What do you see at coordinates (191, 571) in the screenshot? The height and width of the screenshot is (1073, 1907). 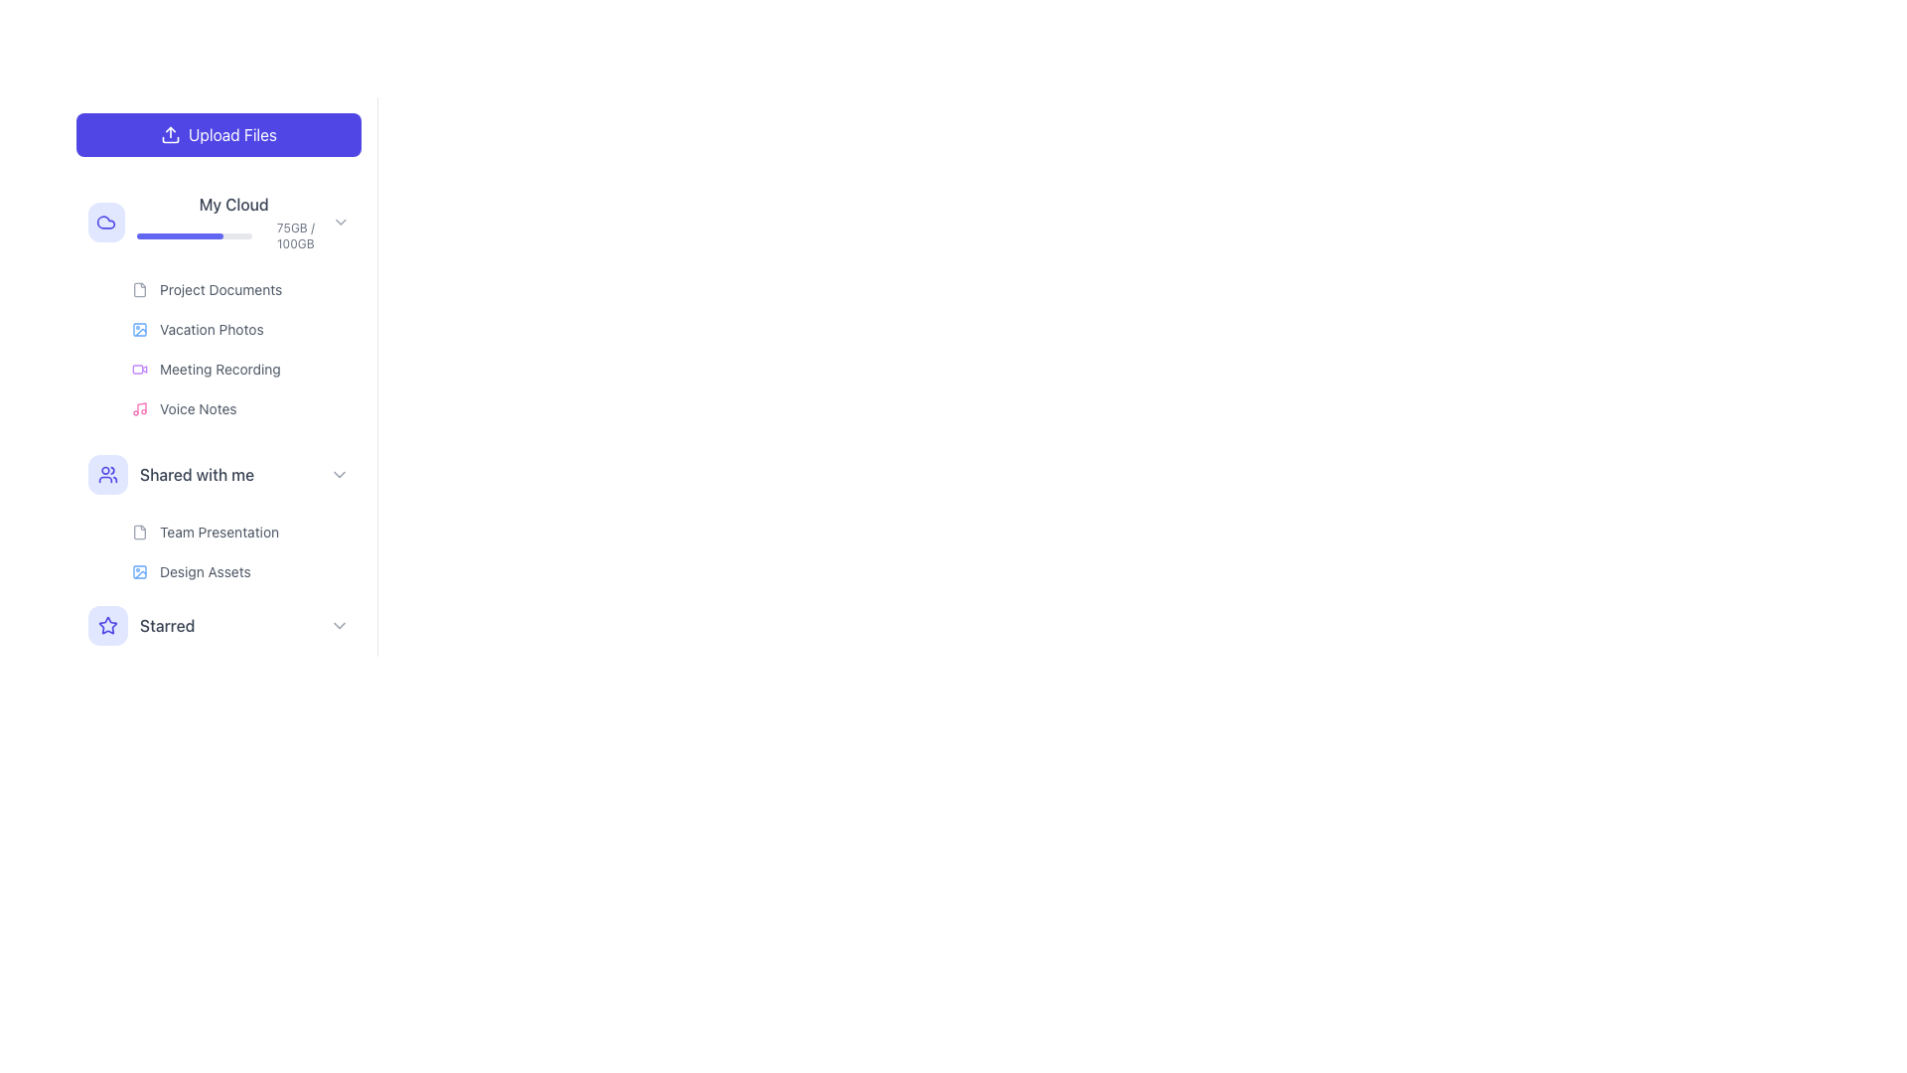 I see `the 'Design Assets' text label in the sidebar under 'Shared with me'` at bounding box center [191, 571].